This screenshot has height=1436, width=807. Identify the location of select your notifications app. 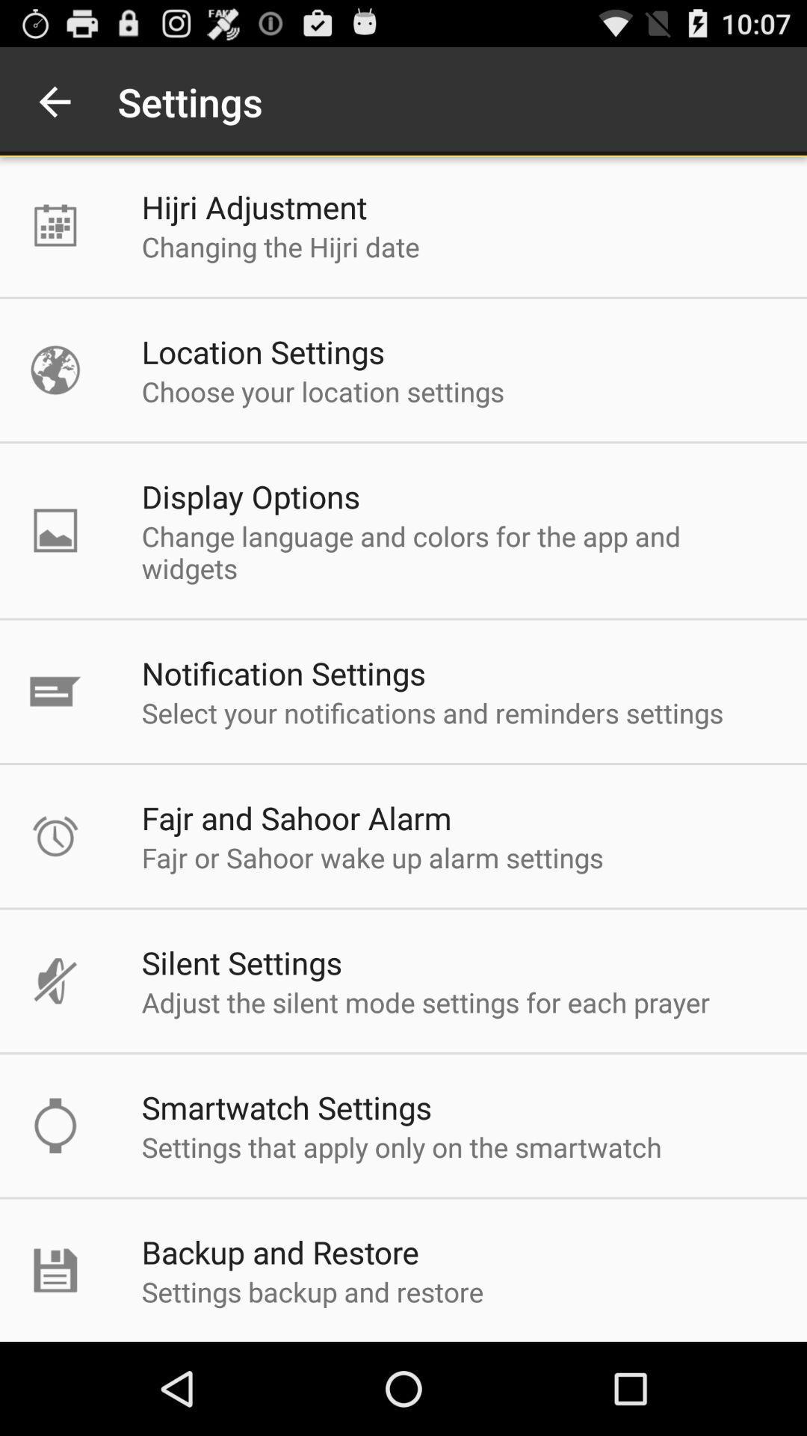
(432, 712).